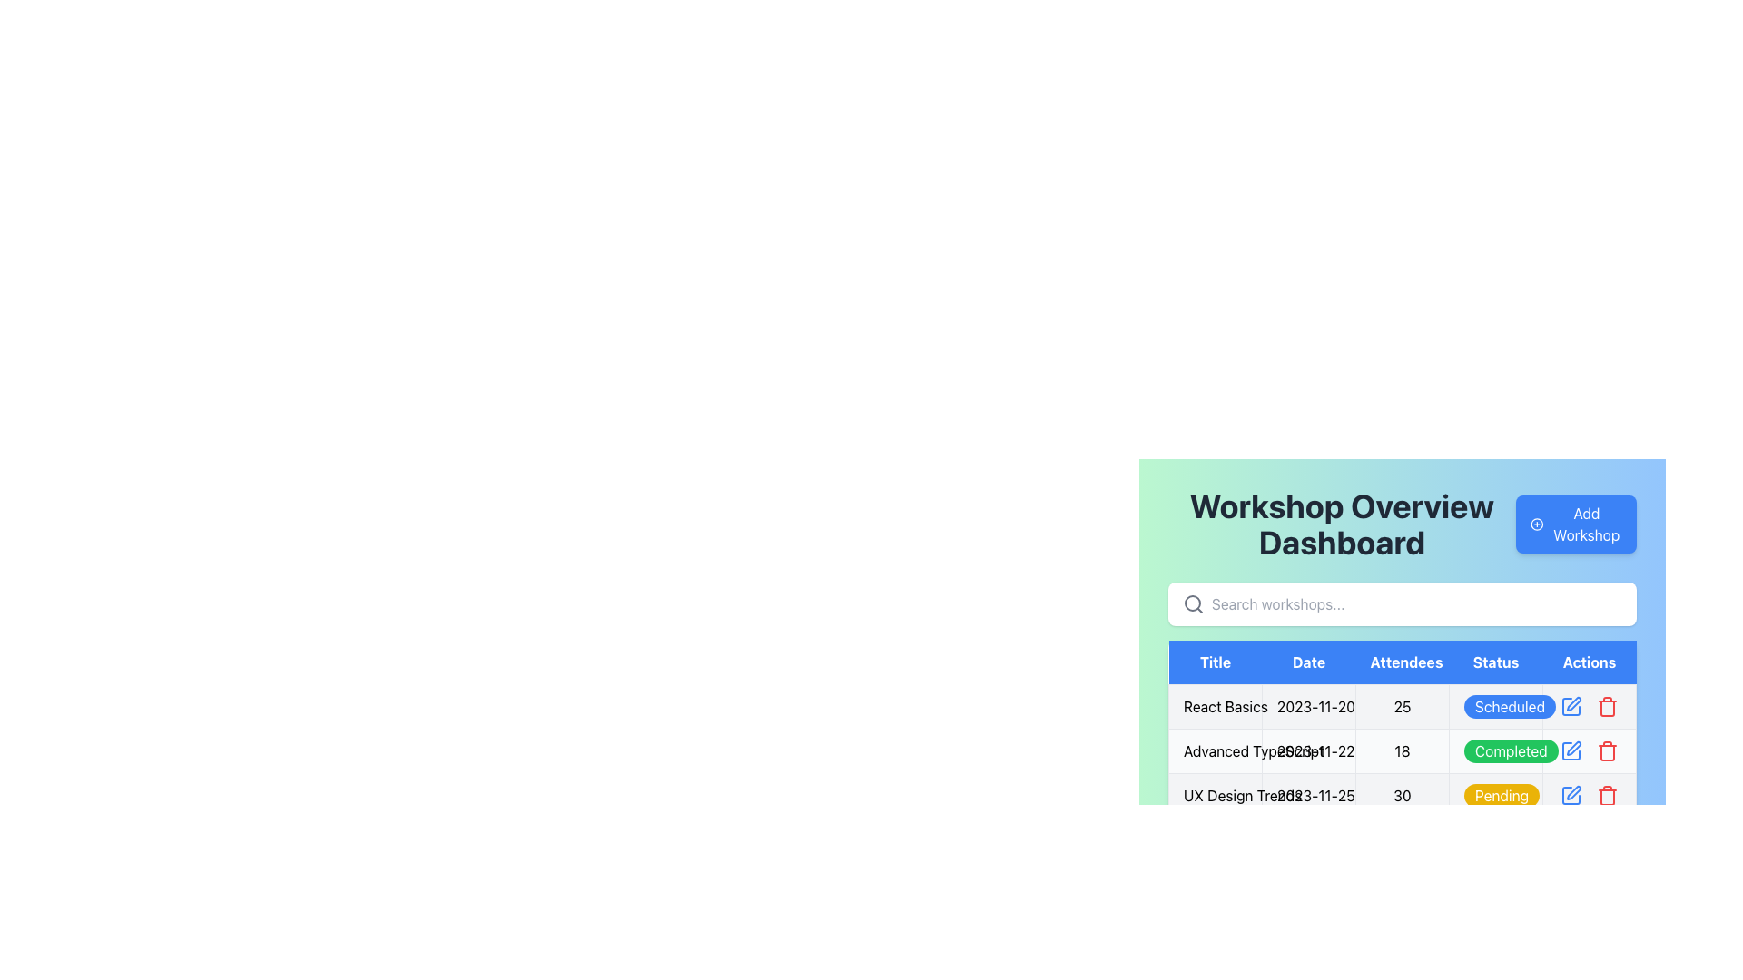  I want to click on the label displaying the date '2023-11-22' in the 'Date' column of the 'Advanced TypeScript' row within the workshop table, so click(1308, 751).